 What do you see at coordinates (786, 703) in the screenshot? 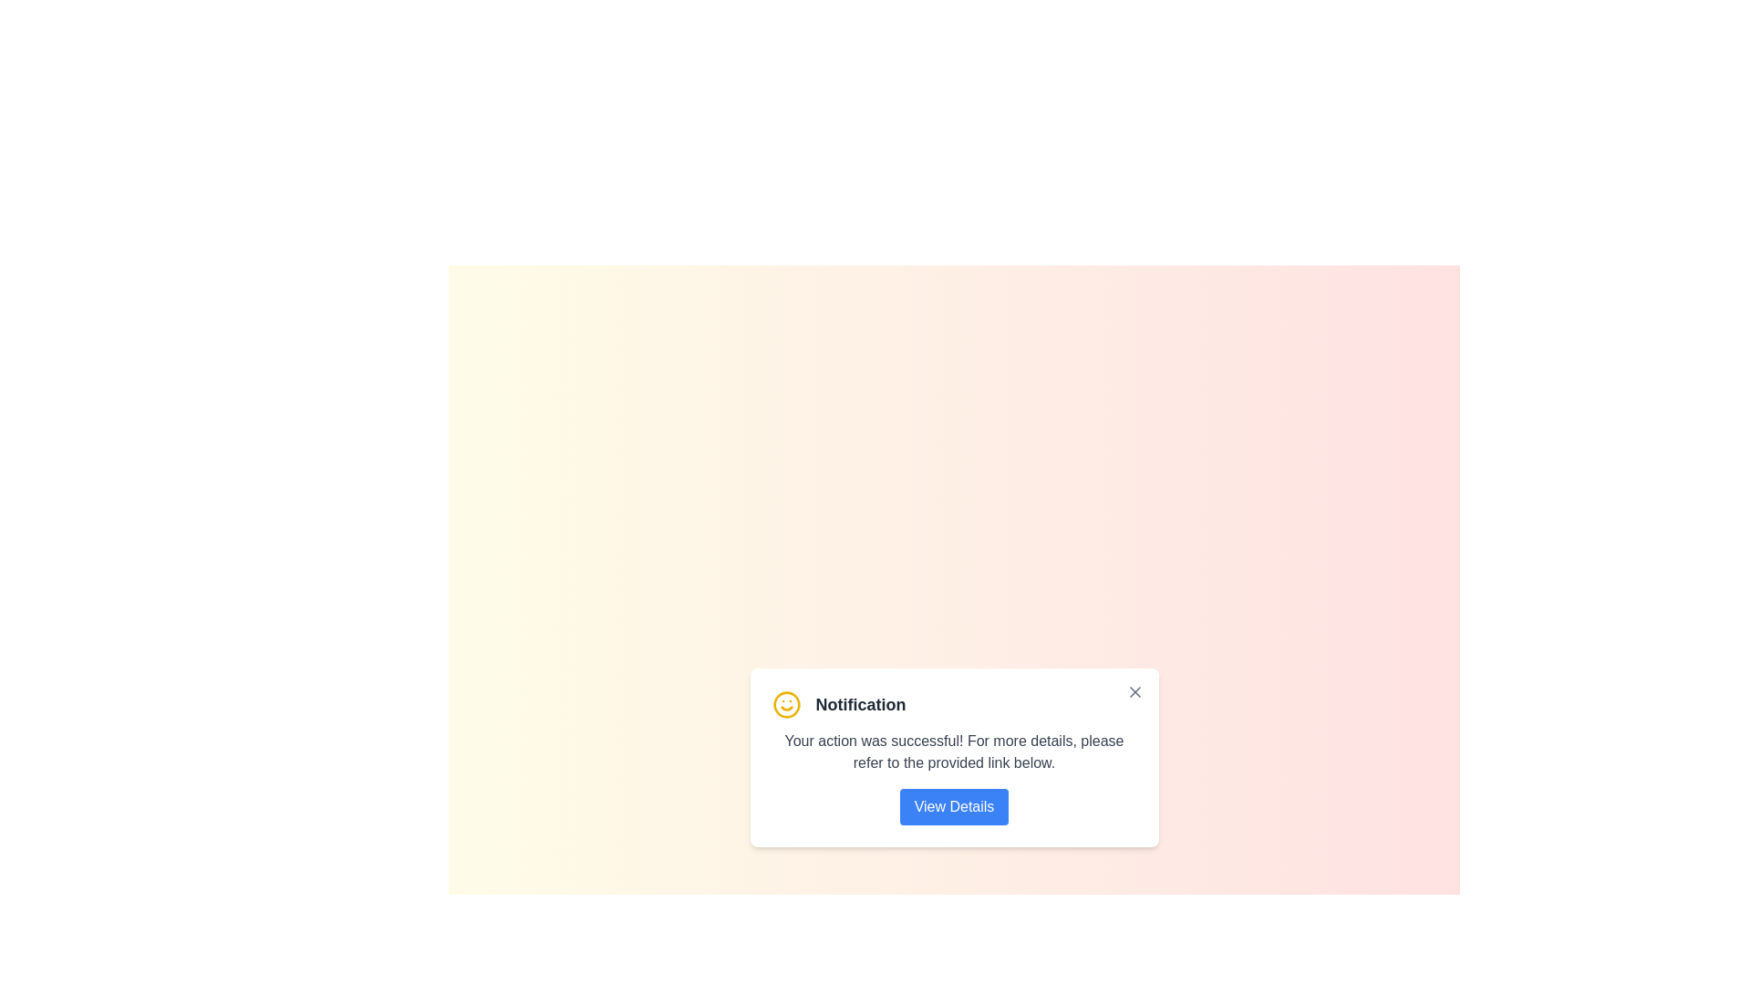
I see `the smiley icon to trigger animations or feedback` at bounding box center [786, 703].